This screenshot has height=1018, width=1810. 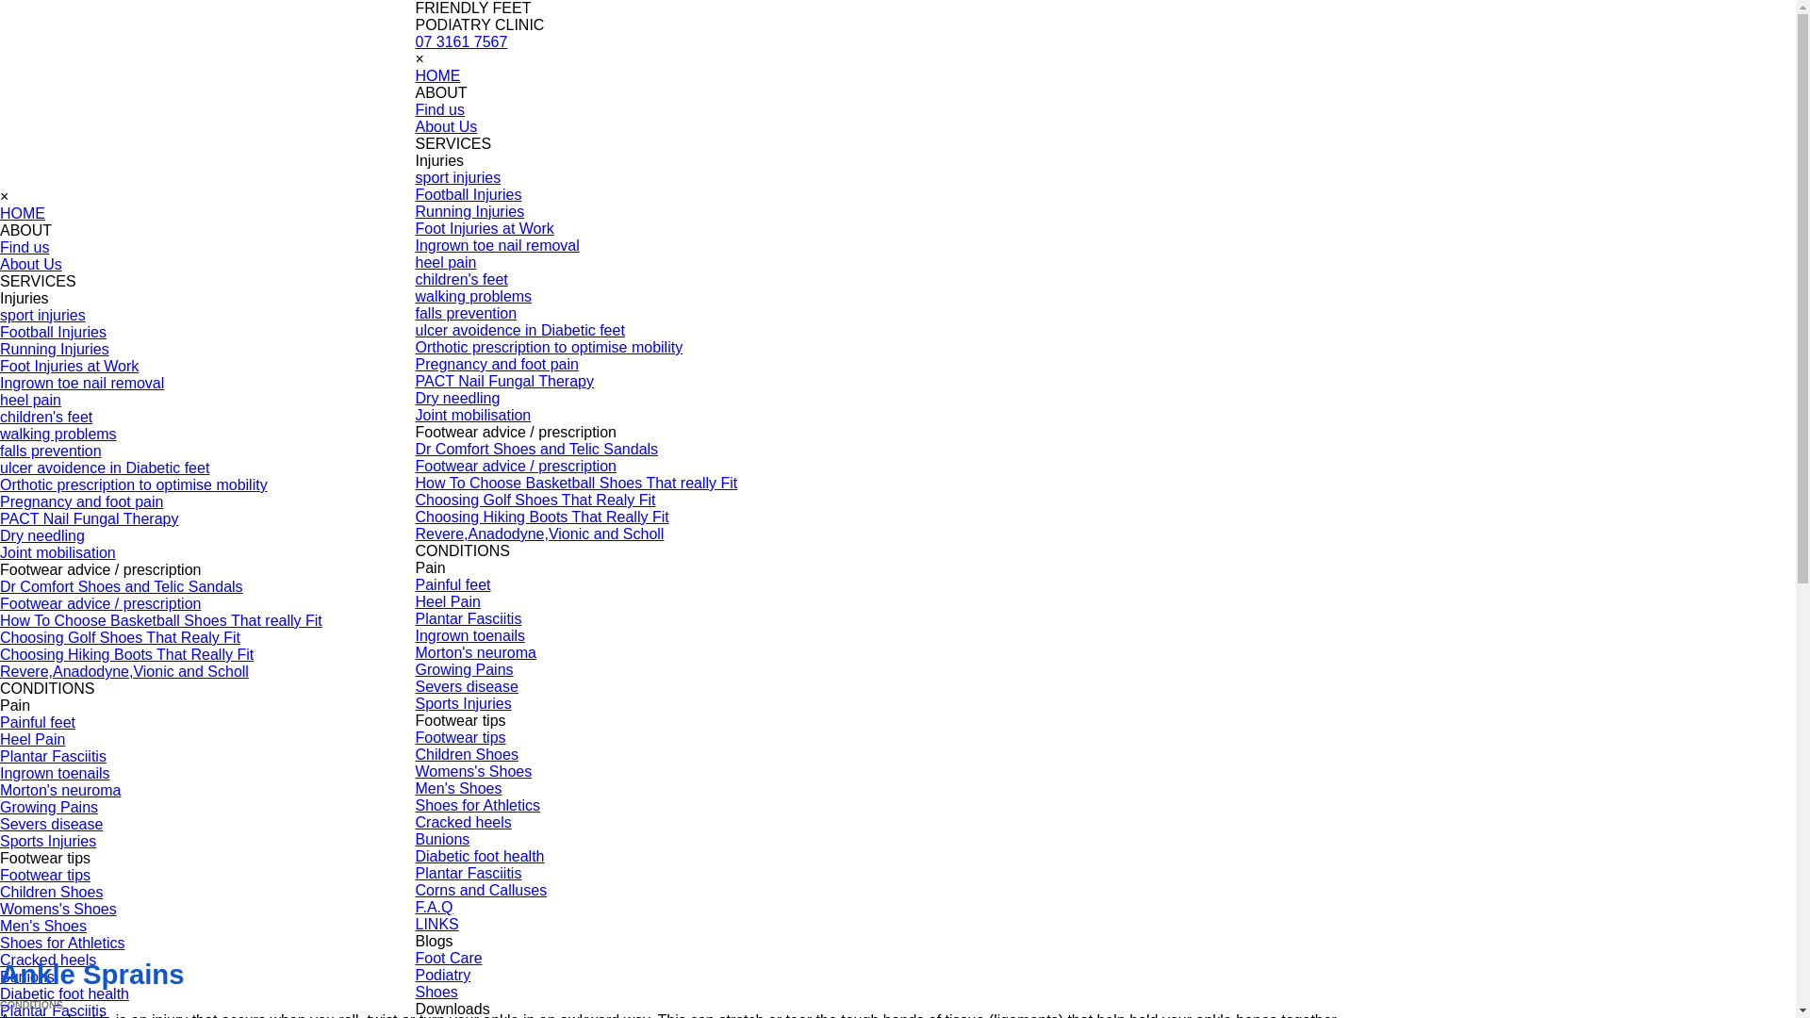 What do you see at coordinates (436, 74) in the screenshot?
I see `'HOME'` at bounding box center [436, 74].